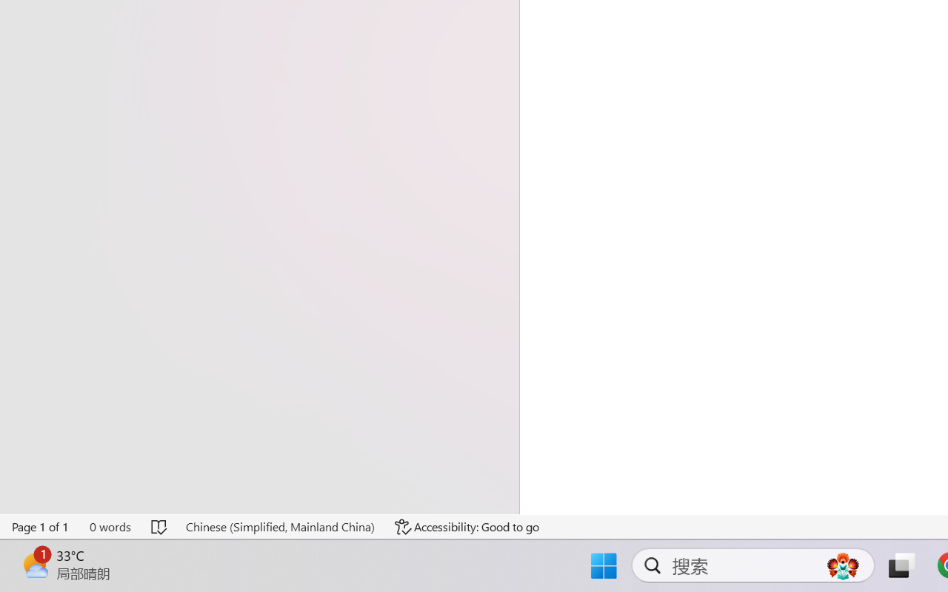 This screenshot has height=592, width=948. Describe the element at coordinates (280, 526) in the screenshot. I see `'Language Chinese (Simplified, Mainland China)'` at that location.